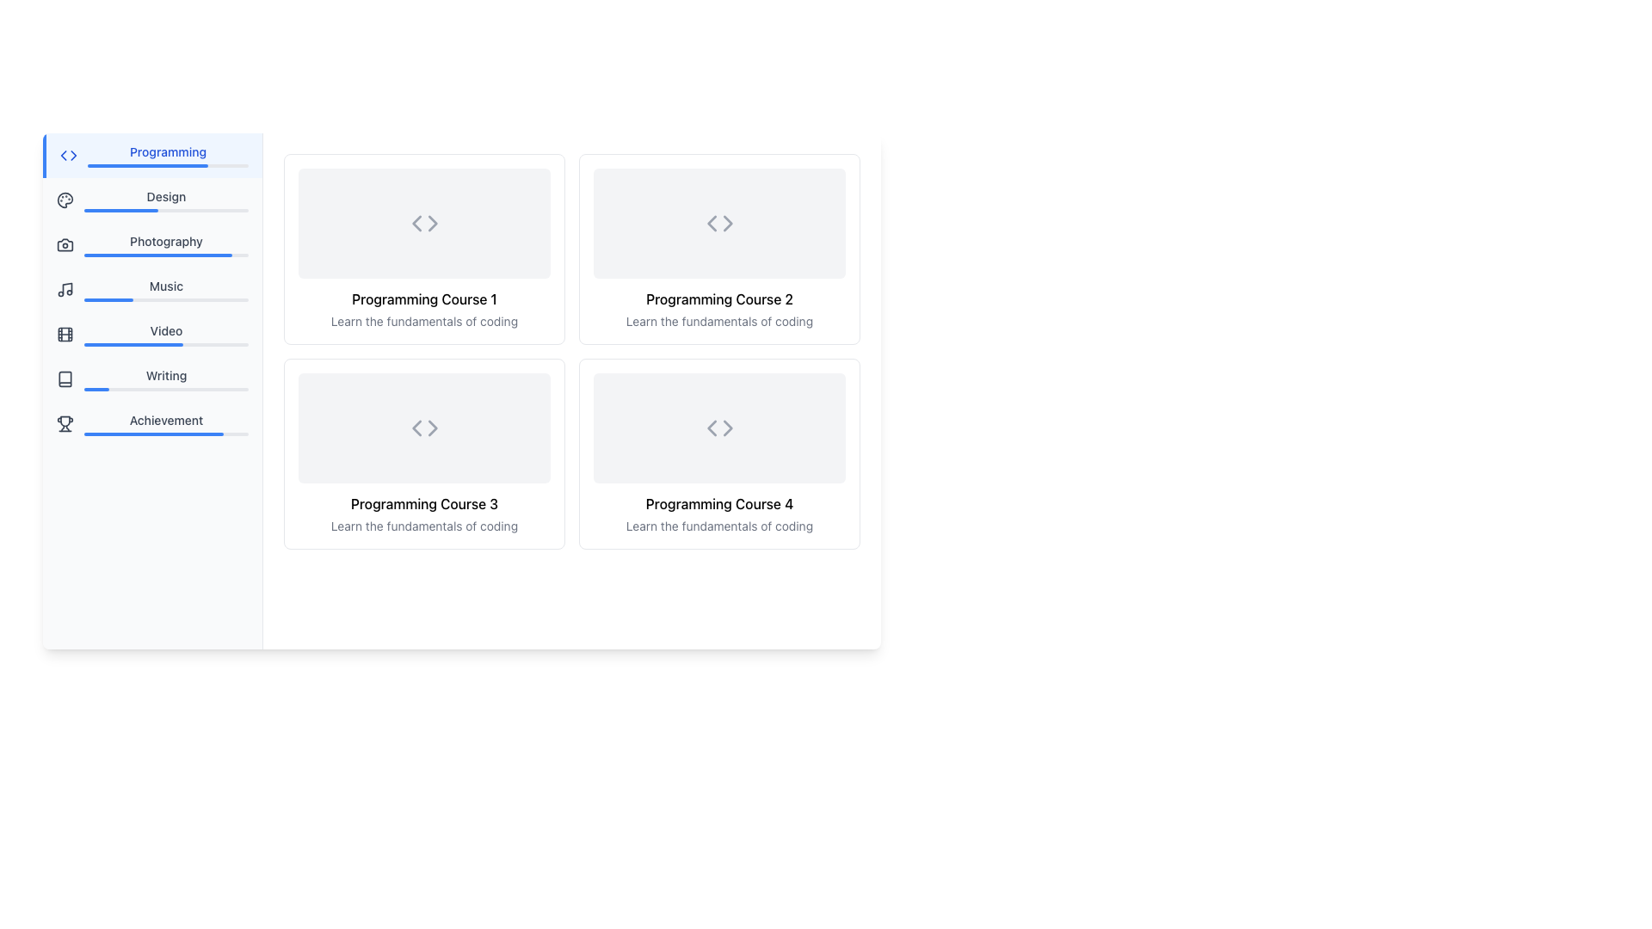 The width and height of the screenshot is (1652, 929). Describe the element at coordinates (166, 199) in the screenshot. I see `the Label with the text 'Design' that features a progress bar, located in the vertically arranged menu between 'Programming' and 'Photography'` at that location.